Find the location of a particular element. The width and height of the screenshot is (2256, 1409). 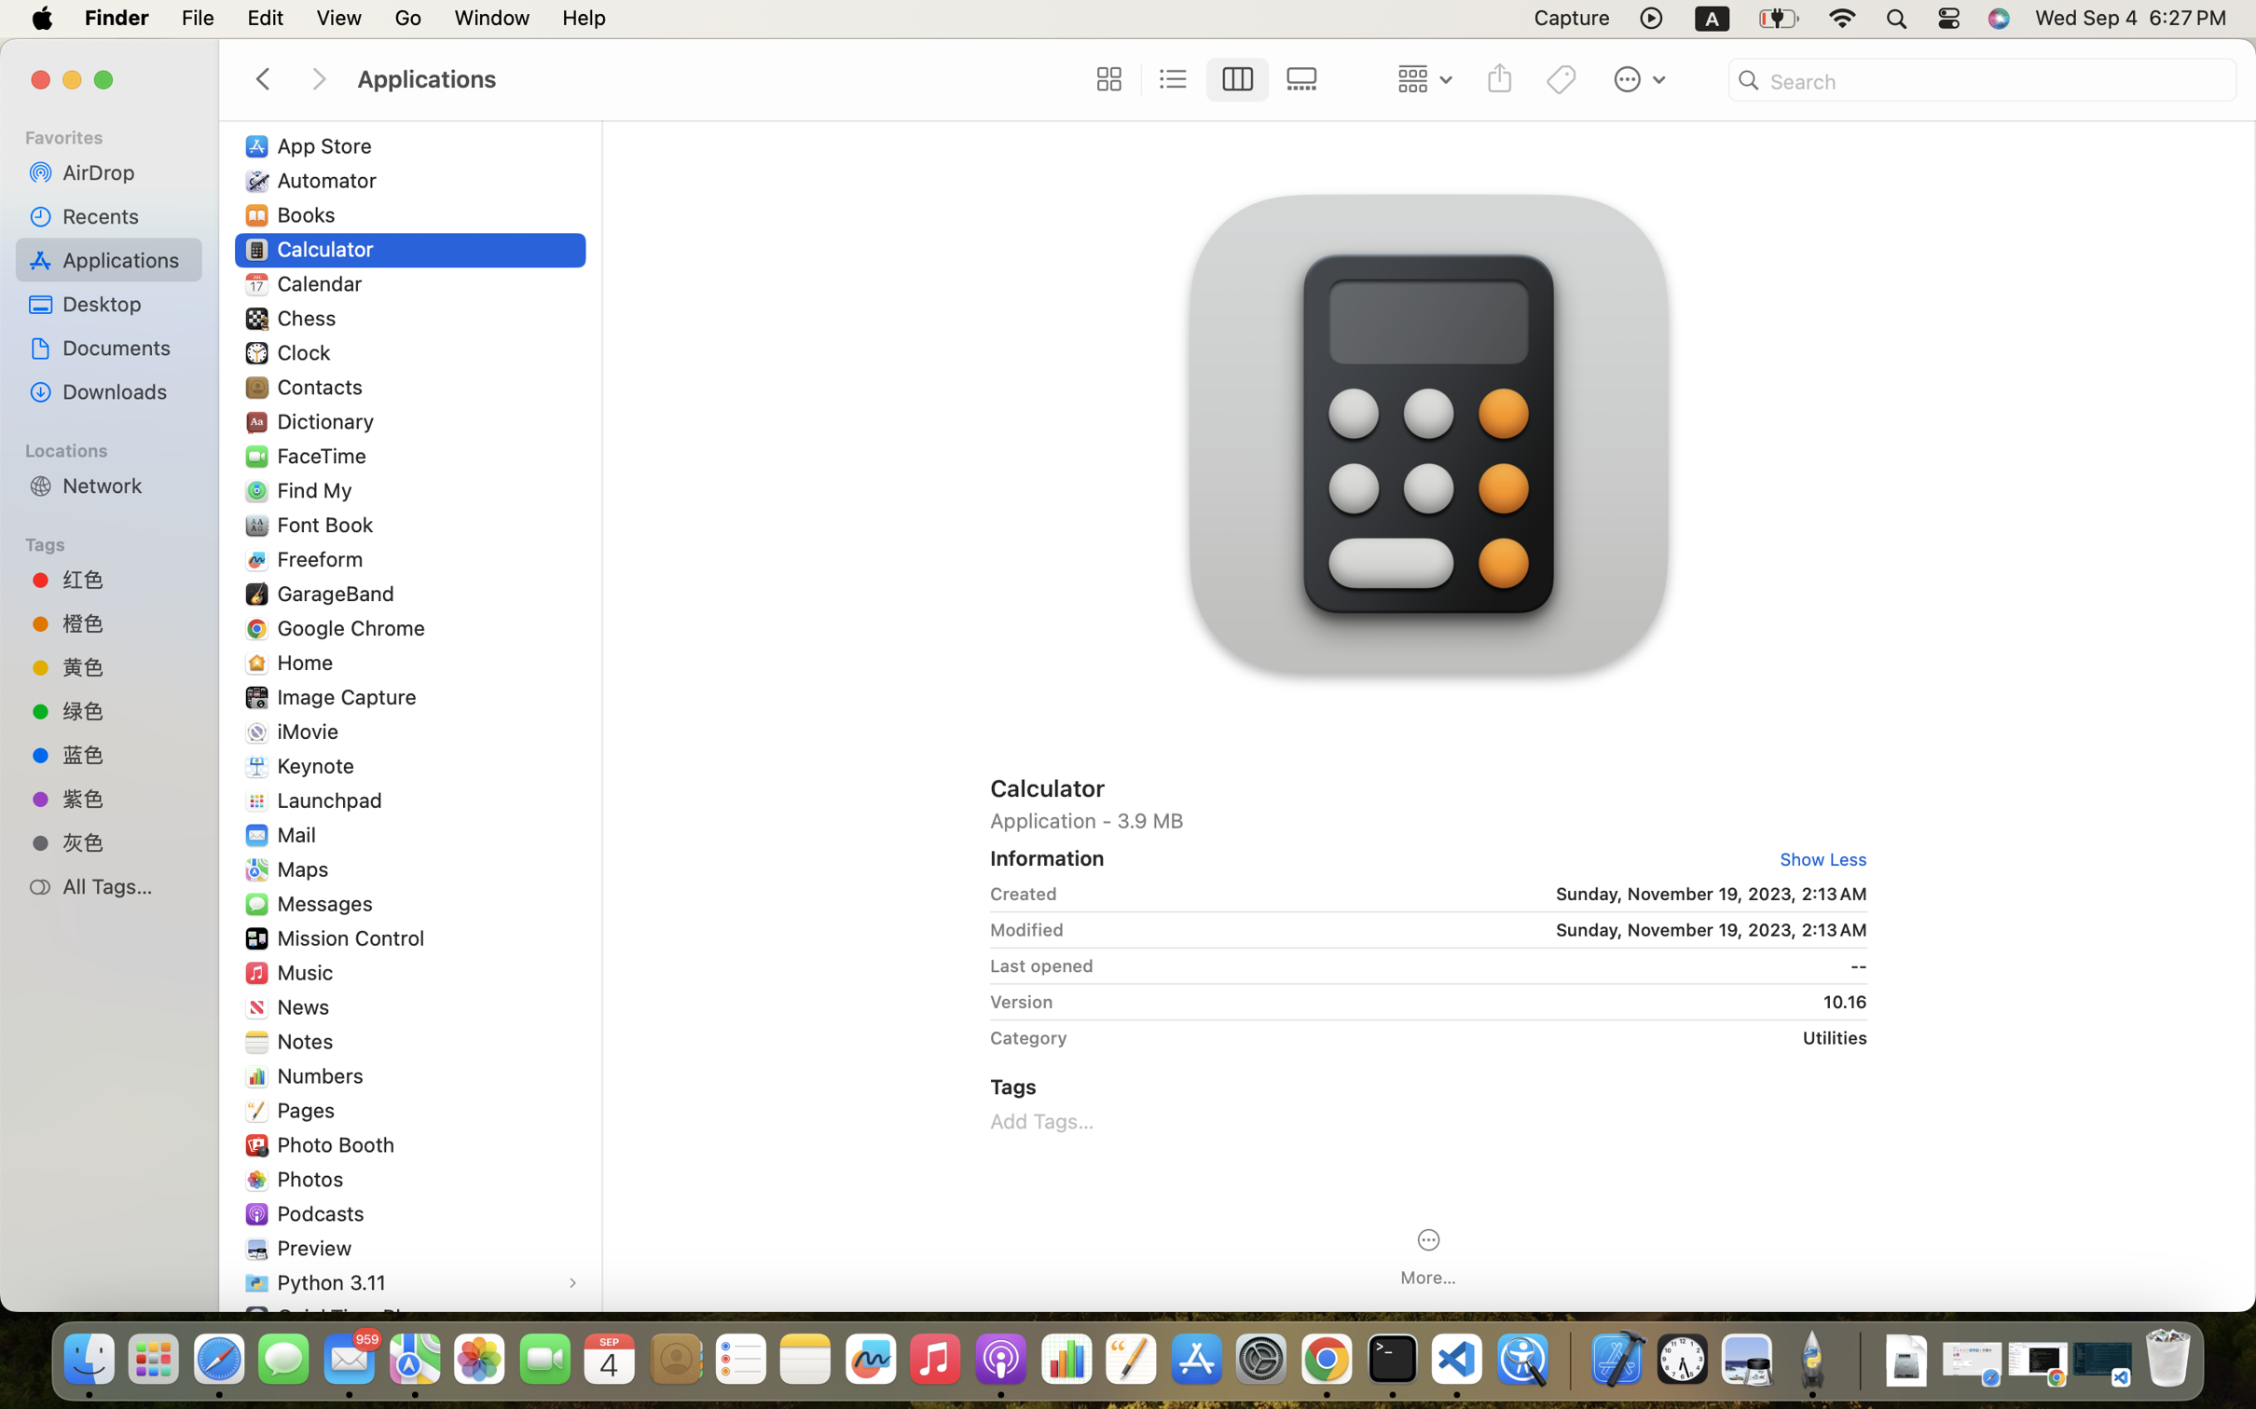

'Documents' is located at coordinates (125, 348).